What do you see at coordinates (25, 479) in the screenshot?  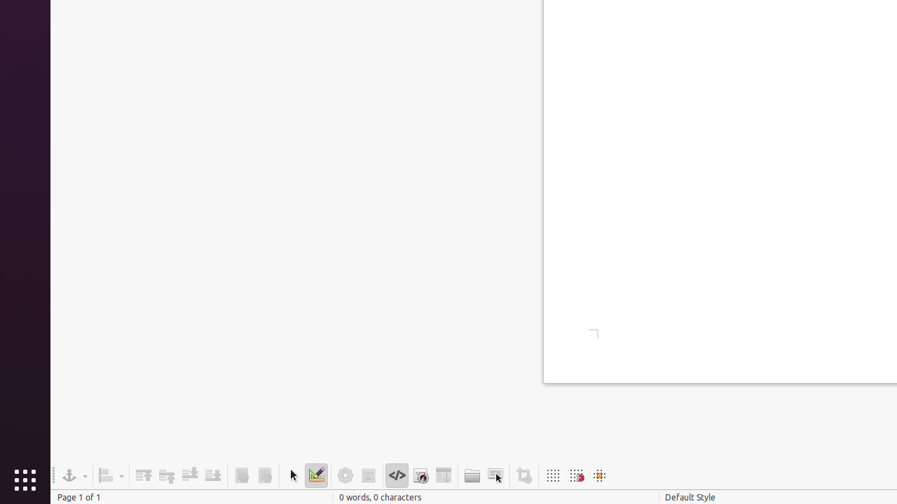 I see `'Show Applications'` at bounding box center [25, 479].